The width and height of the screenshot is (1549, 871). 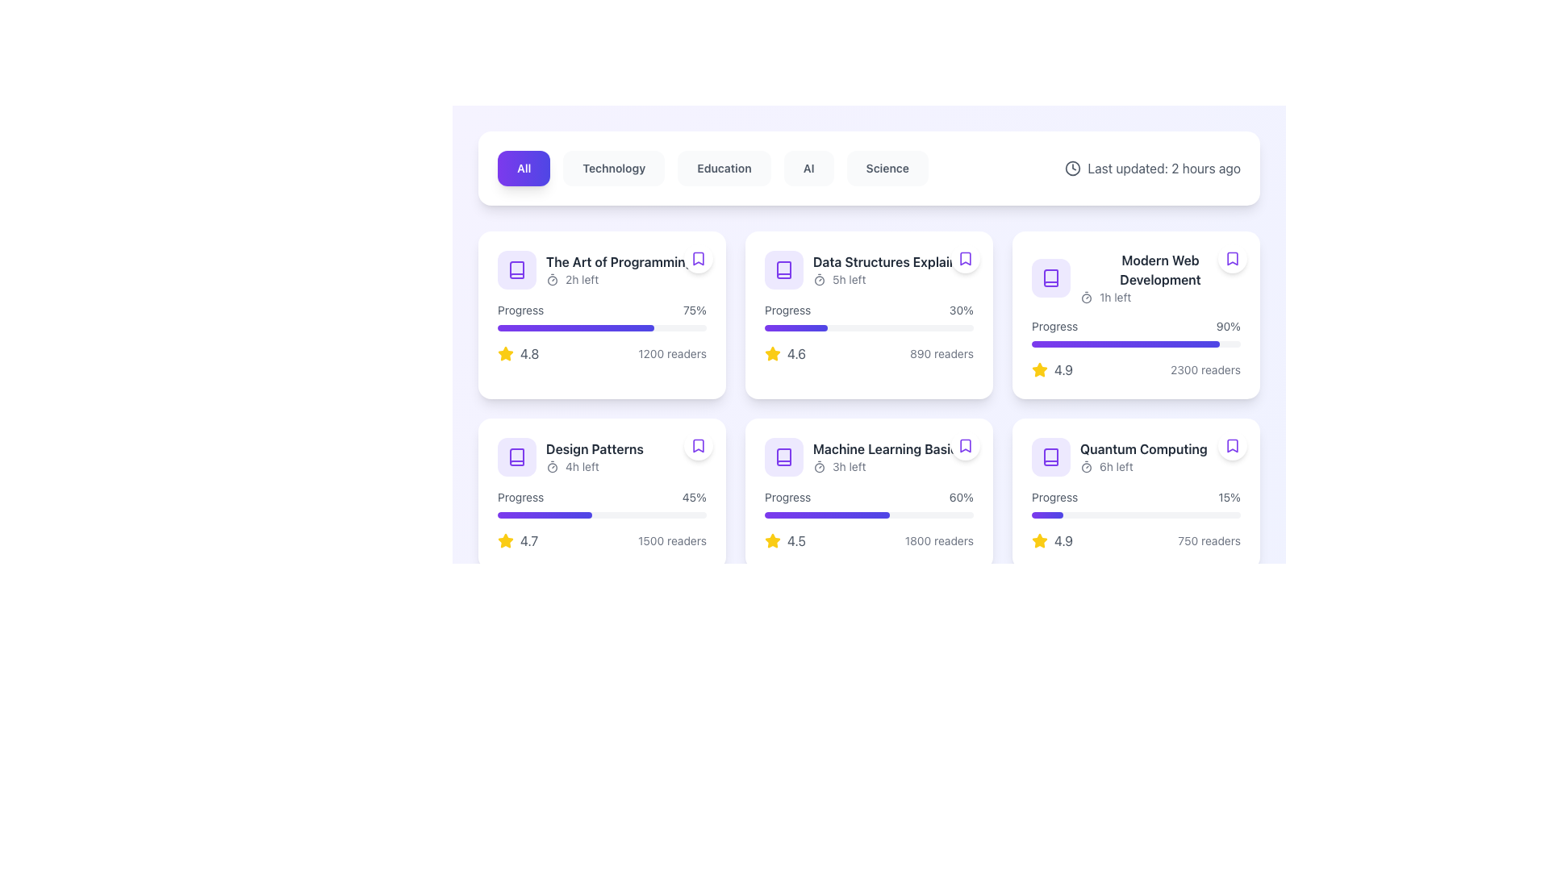 What do you see at coordinates (1050, 457) in the screenshot?
I see `the educational resource icon representing 'Data Structures Explained', located in the upper-left corner of the corresponding card` at bounding box center [1050, 457].